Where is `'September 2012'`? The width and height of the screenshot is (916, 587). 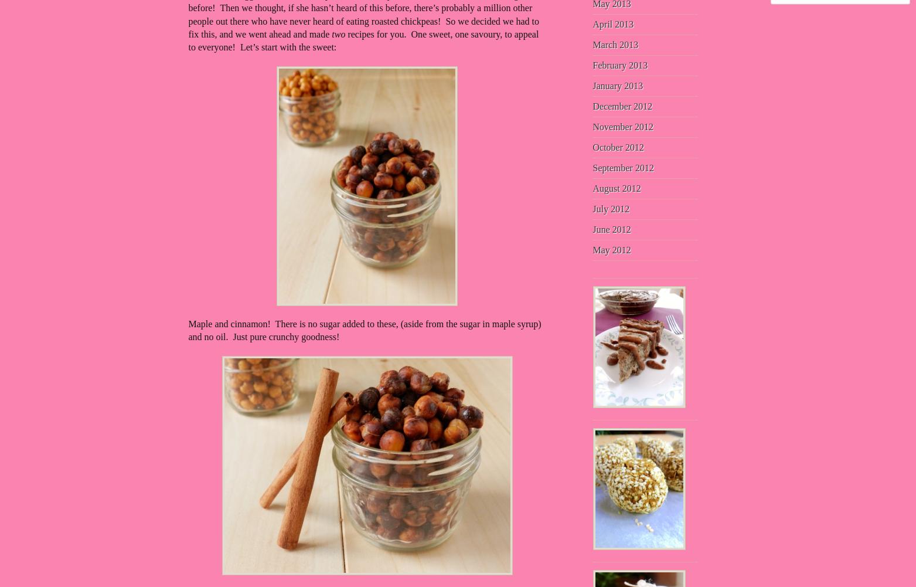
'September 2012' is located at coordinates (622, 167).